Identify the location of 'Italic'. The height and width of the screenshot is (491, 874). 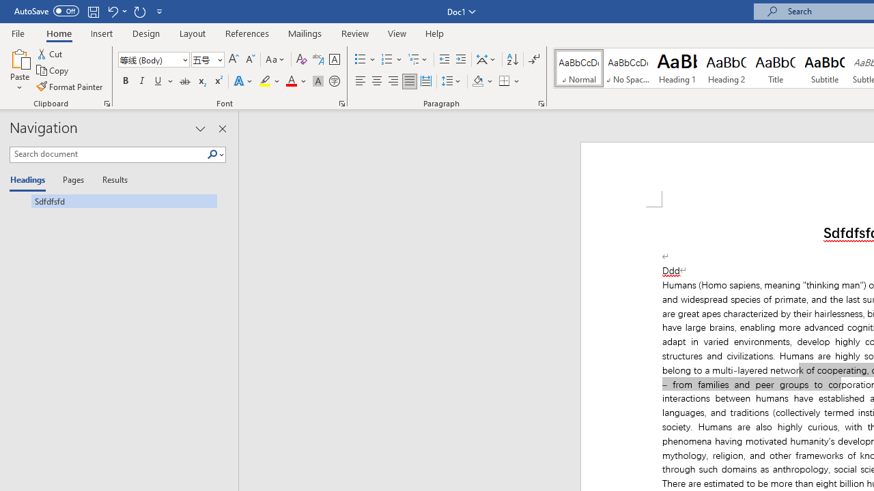
(142, 81).